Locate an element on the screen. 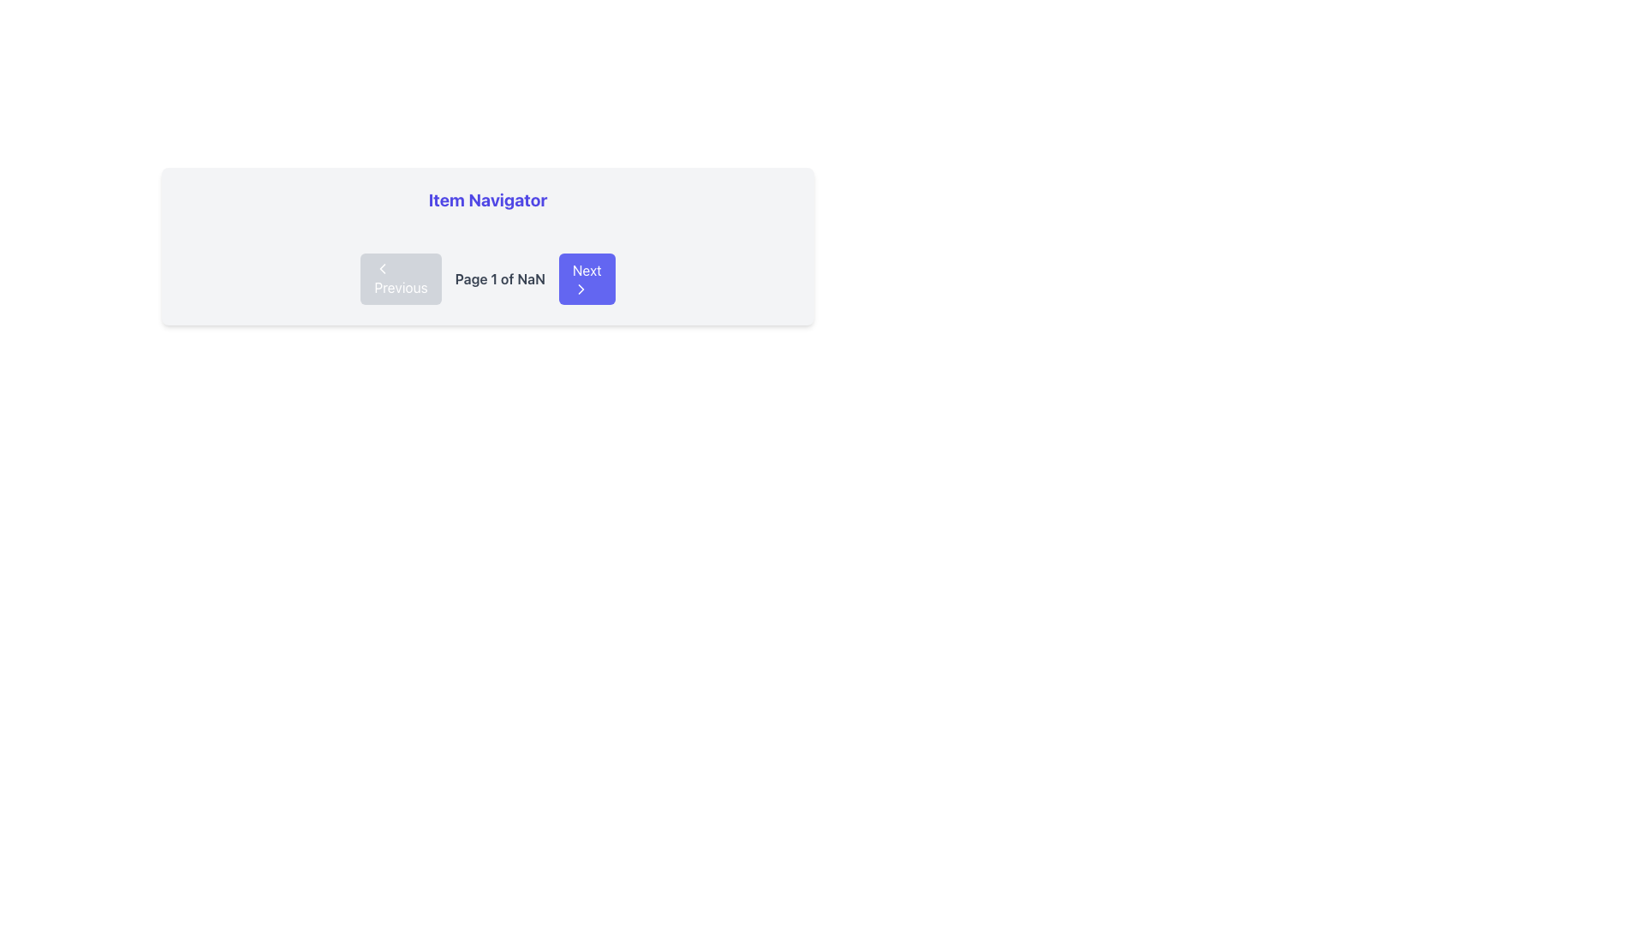  the 'Previous' navigational button is located at coordinates (400, 278).